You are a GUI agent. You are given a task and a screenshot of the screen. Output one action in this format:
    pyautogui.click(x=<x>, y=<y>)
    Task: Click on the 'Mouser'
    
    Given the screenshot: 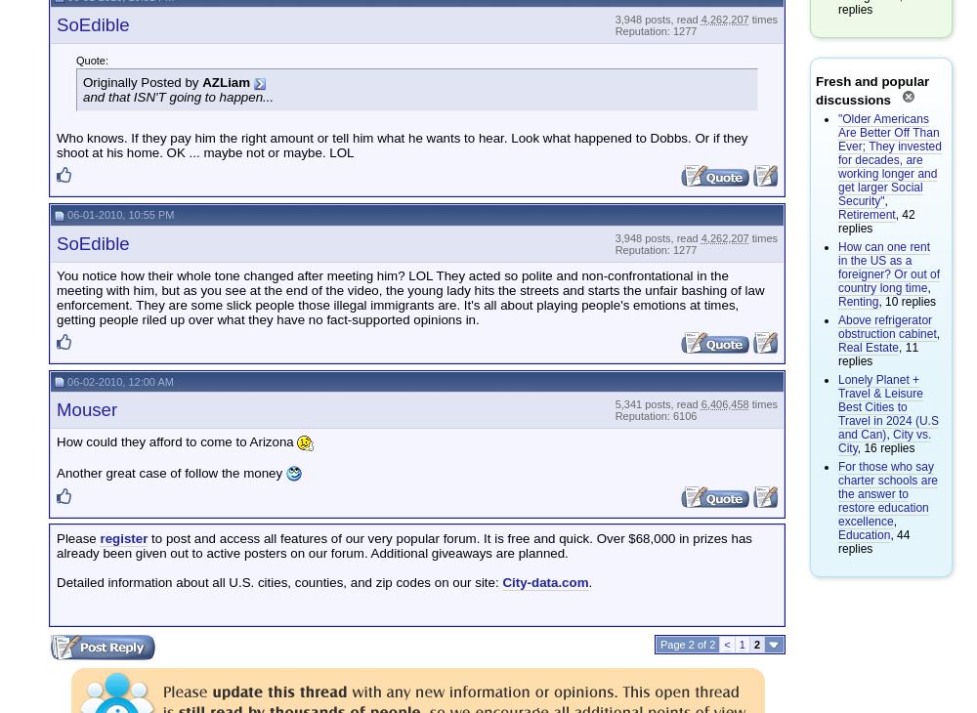 What is the action you would take?
    pyautogui.click(x=57, y=408)
    